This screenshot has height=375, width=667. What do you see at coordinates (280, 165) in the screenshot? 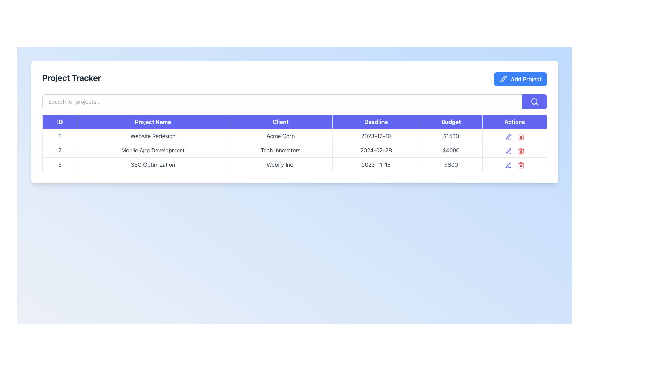
I see `the Text label that signifies the client name for the project 'SEO Optimization', located in the third column of row '3' under 'Client'` at bounding box center [280, 165].